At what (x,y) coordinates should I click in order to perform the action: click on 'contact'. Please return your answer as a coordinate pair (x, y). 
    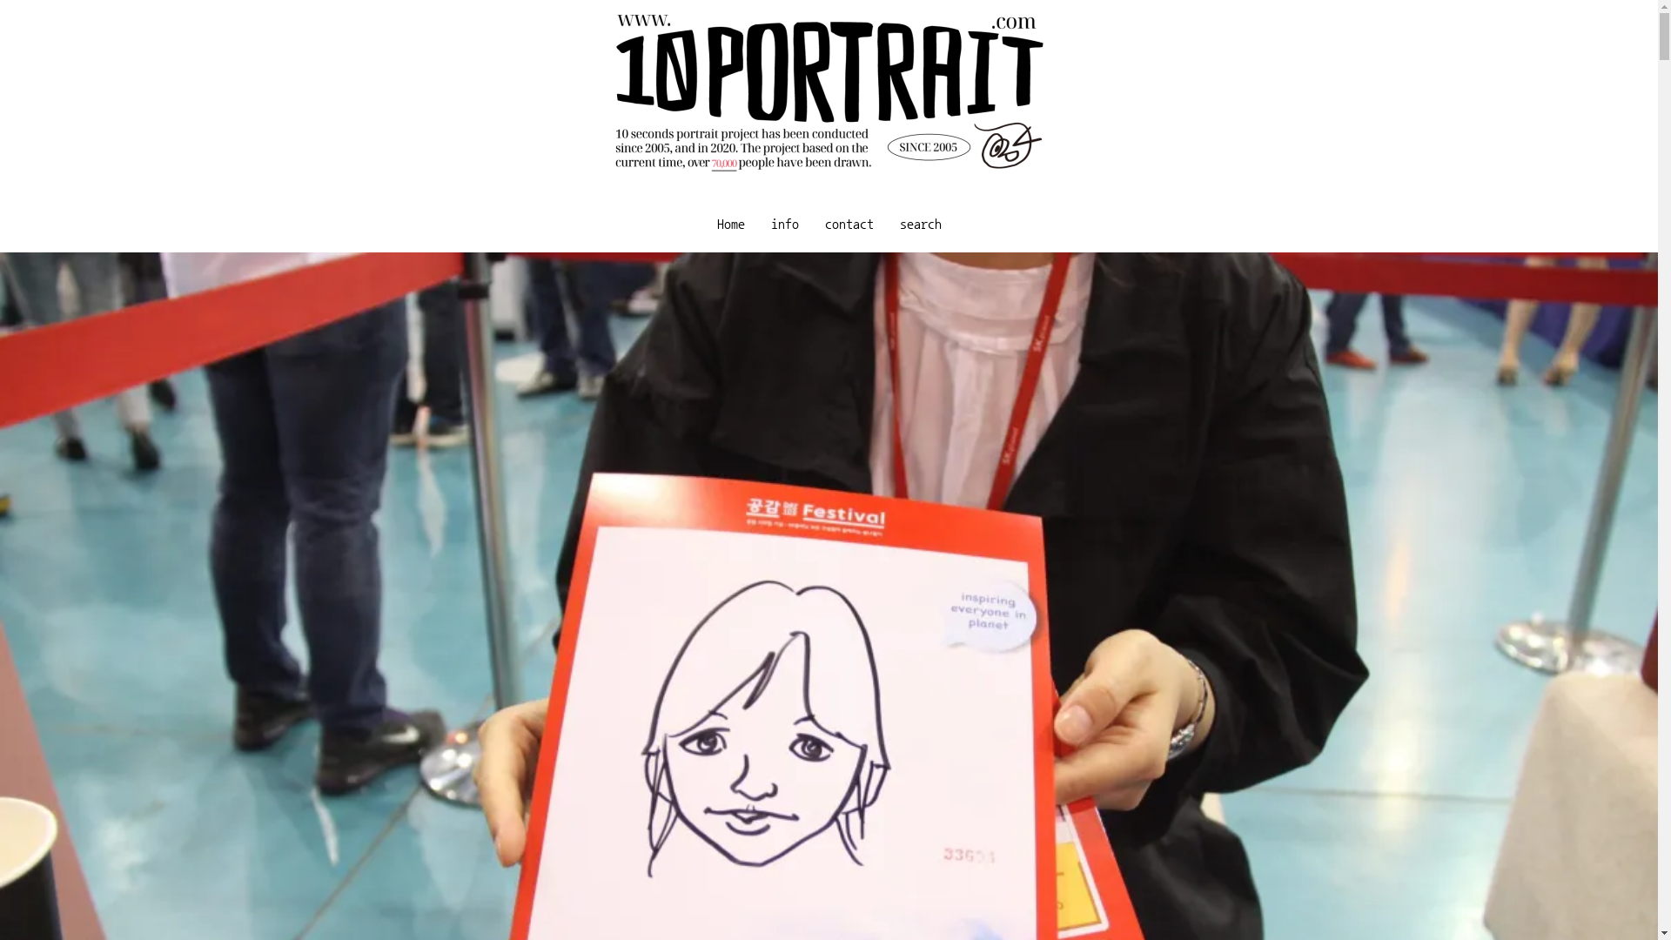
    Looking at the image, I should click on (848, 223).